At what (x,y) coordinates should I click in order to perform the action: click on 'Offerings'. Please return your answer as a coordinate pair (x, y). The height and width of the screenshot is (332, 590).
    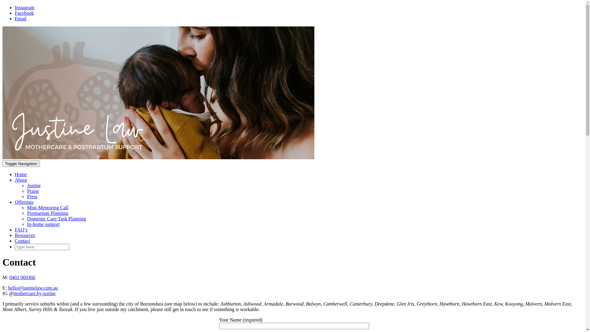
    Looking at the image, I should click on (24, 202).